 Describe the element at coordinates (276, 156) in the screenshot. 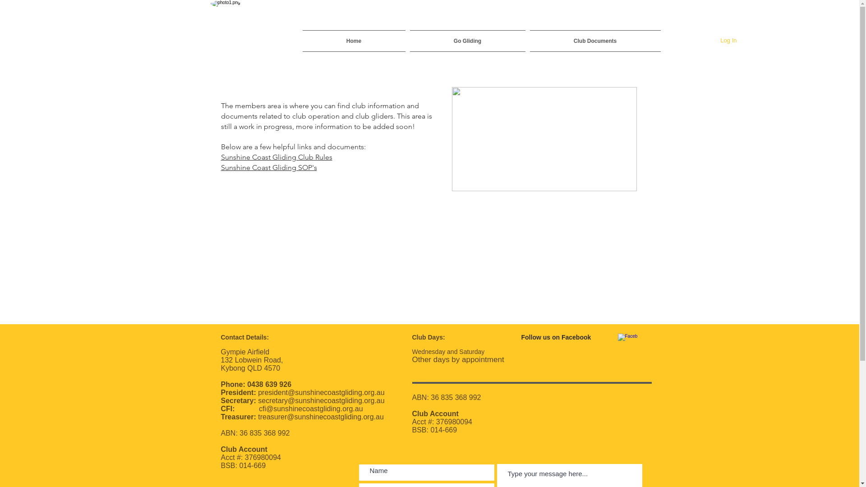

I see `'Sunshine Coast Gliding Club Rules'` at that location.